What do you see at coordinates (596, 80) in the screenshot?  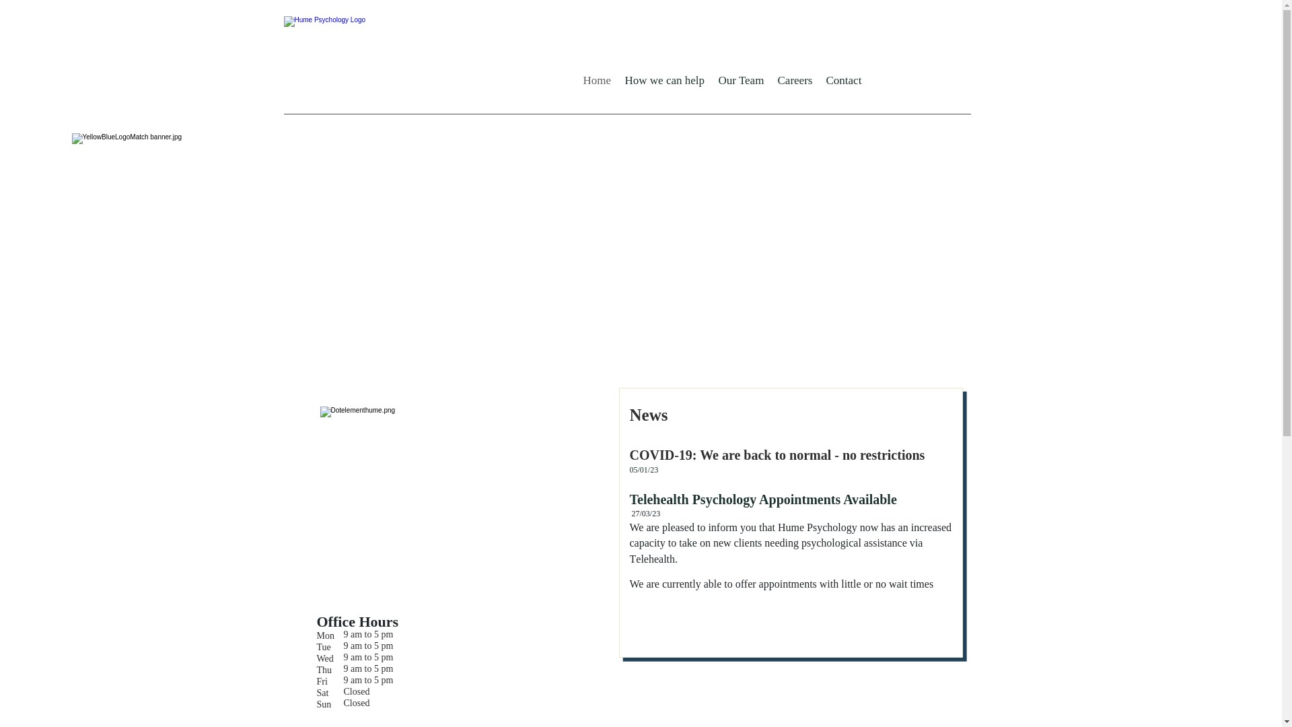 I see `'Home'` at bounding box center [596, 80].